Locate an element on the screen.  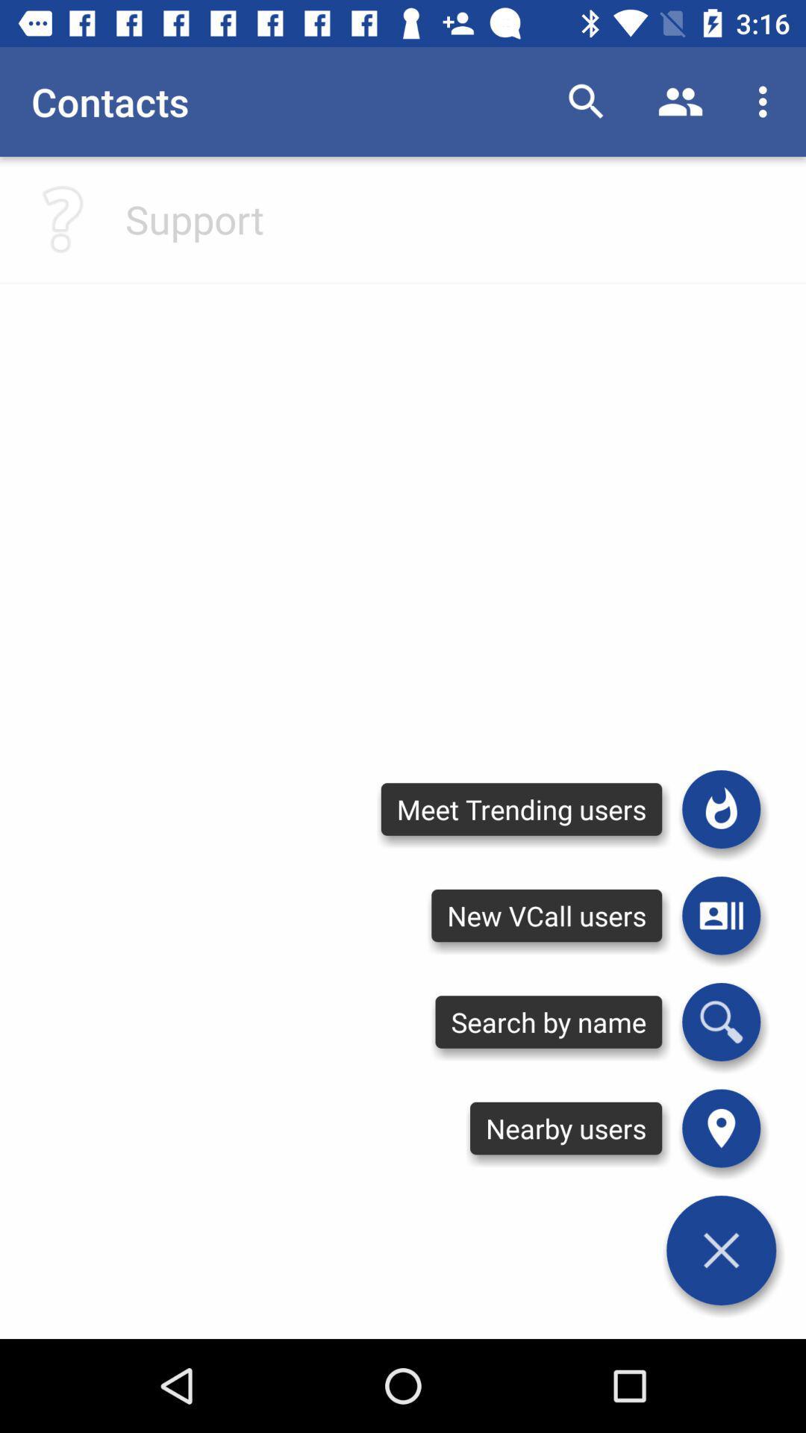
trending users is located at coordinates (720, 808).